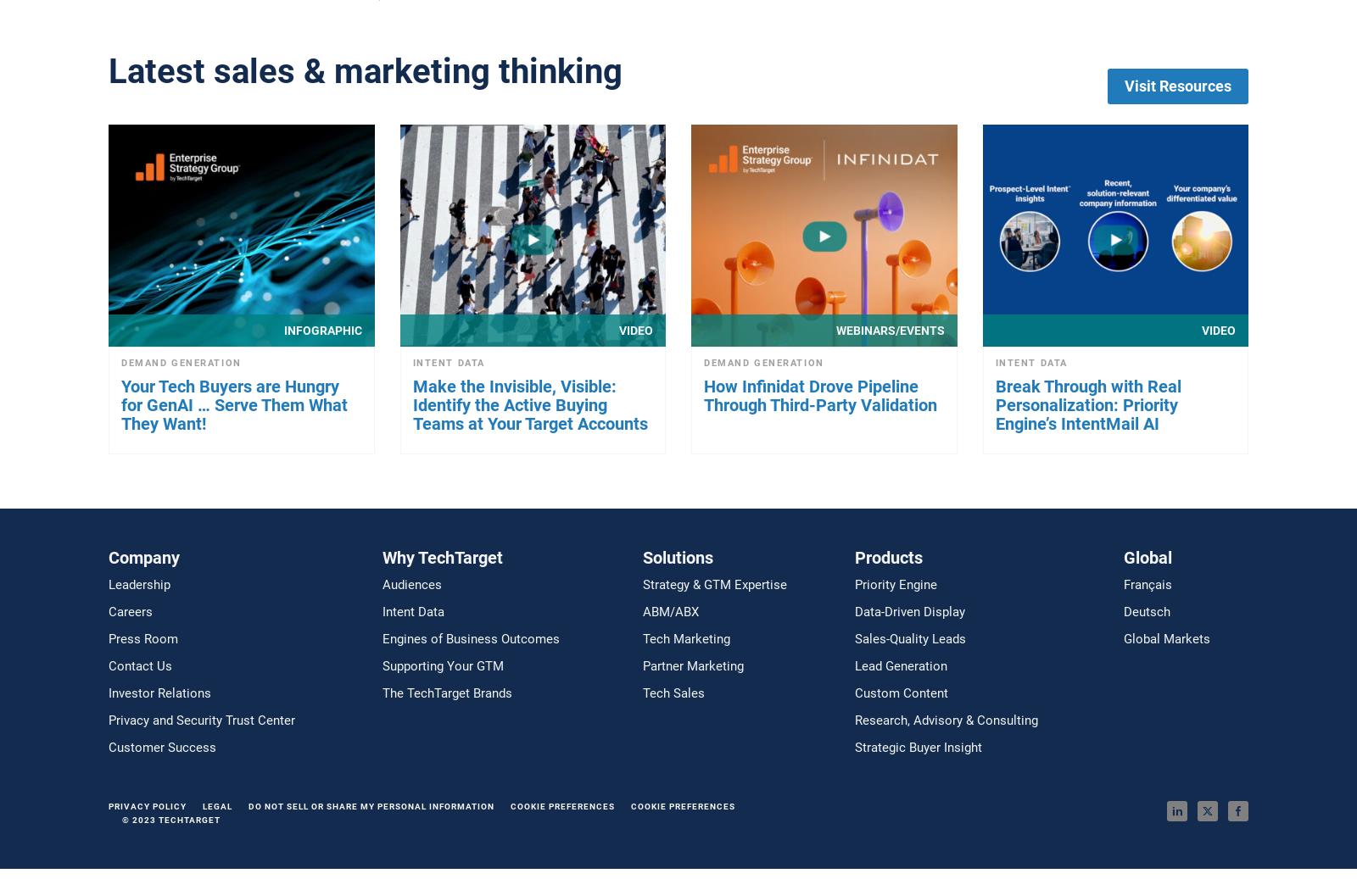  What do you see at coordinates (410, 583) in the screenshot?
I see `'Audiences'` at bounding box center [410, 583].